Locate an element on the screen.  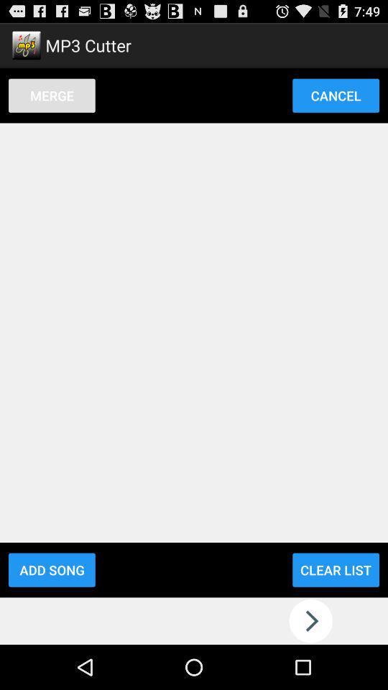
the item at the bottom left corner is located at coordinates (51, 570).